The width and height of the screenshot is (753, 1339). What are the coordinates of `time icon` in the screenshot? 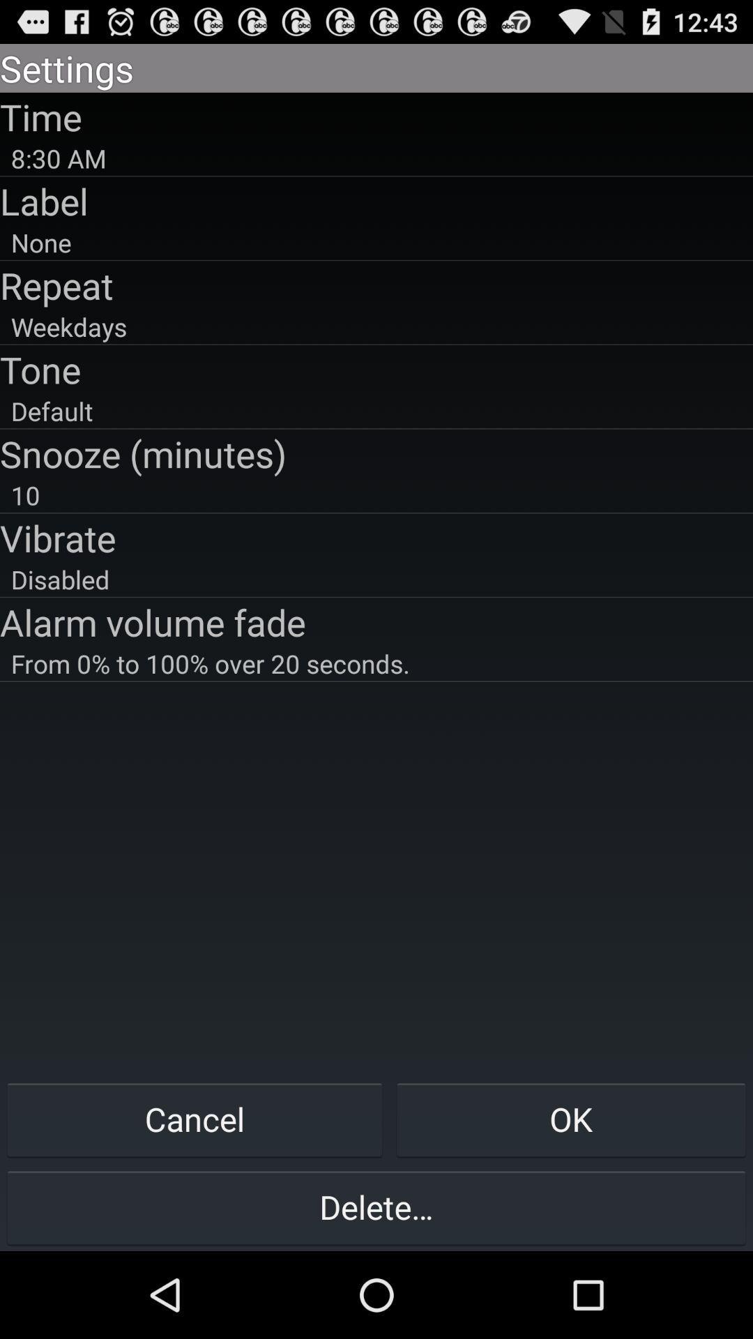 It's located at (376, 116).